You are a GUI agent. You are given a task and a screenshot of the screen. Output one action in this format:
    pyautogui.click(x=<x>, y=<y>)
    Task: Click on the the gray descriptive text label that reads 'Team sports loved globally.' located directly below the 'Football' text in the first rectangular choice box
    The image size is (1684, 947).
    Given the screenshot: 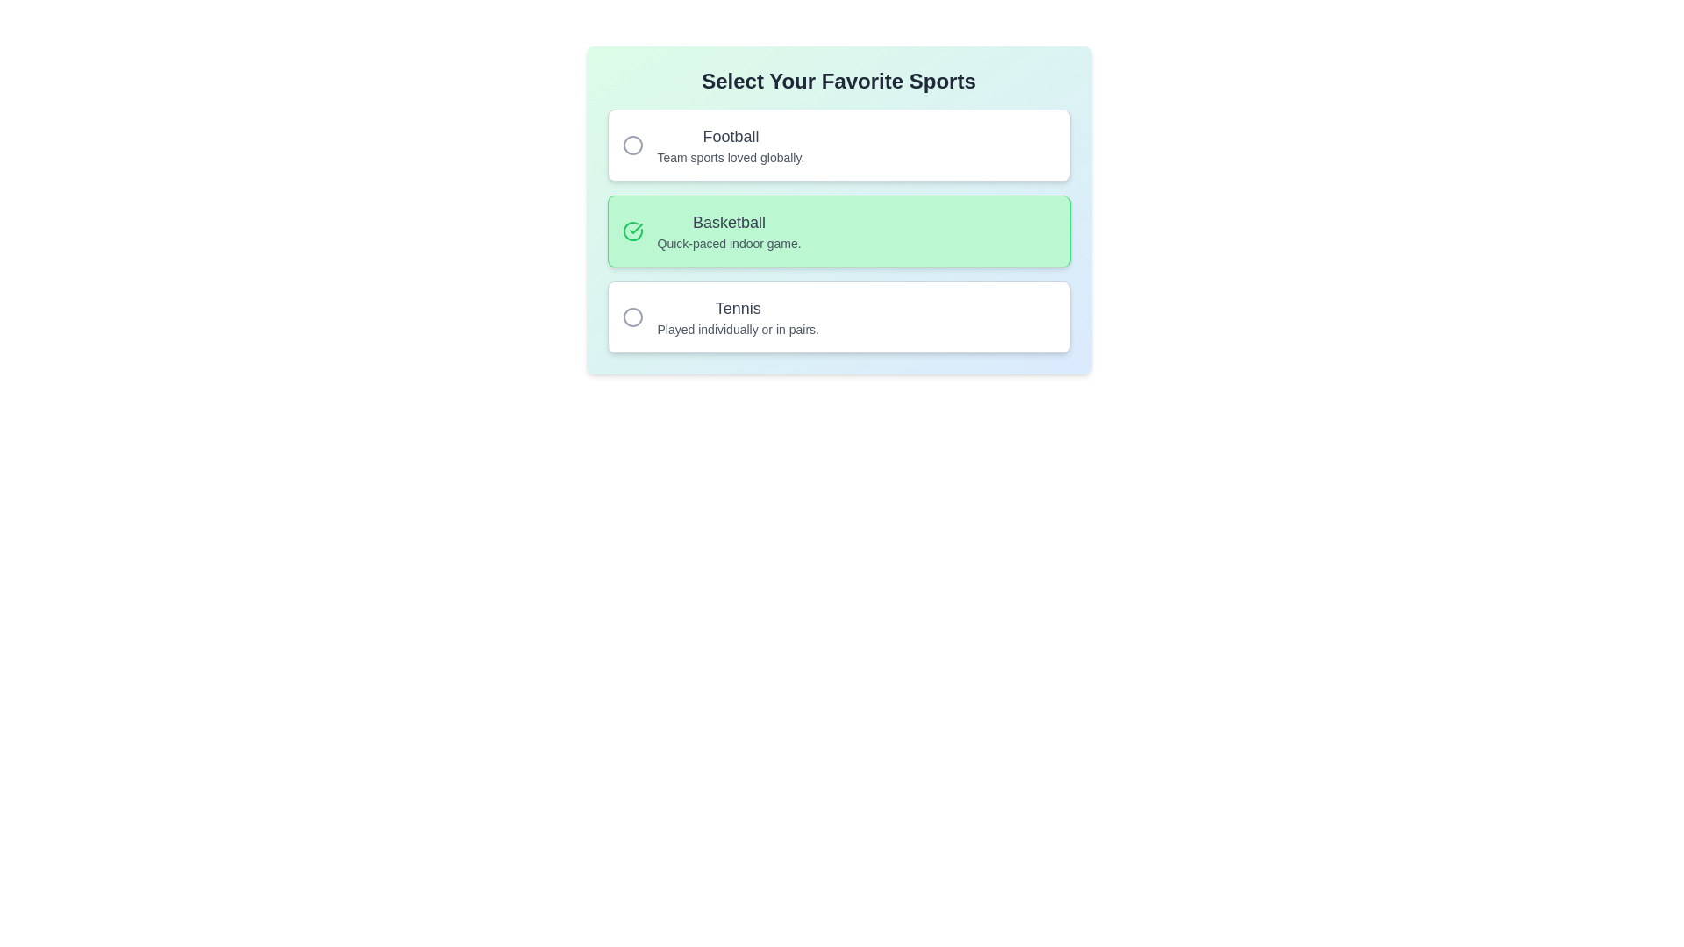 What is the action you would take?
    pyautogui.click(x=731, y=158)
    